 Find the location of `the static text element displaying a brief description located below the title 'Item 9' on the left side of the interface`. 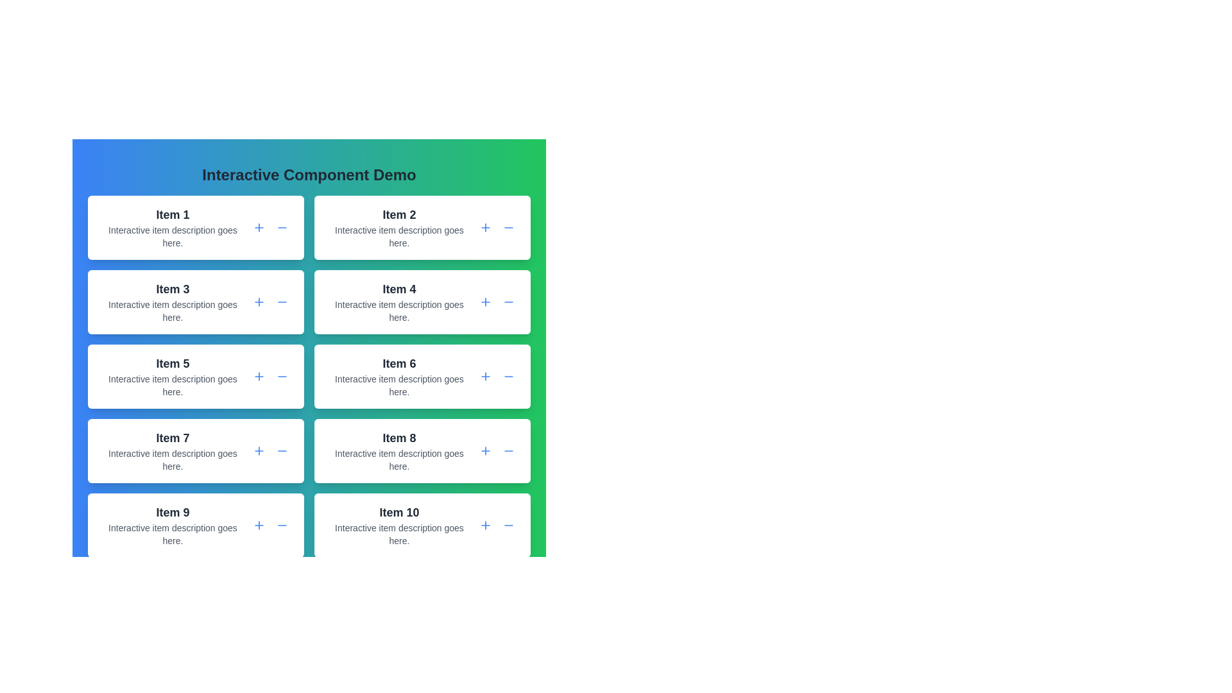

the static text element displaying a brief description located below the title 'Item 9' on the left side of the interface is located at coordinates (172, 535).